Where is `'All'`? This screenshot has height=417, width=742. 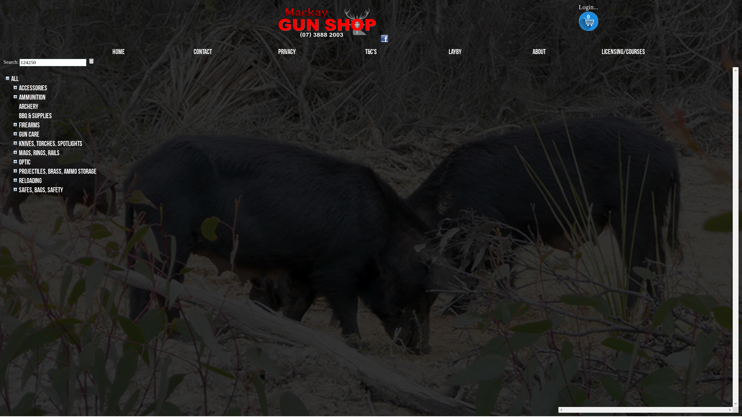
'All' is located at coordinates (15, 79).